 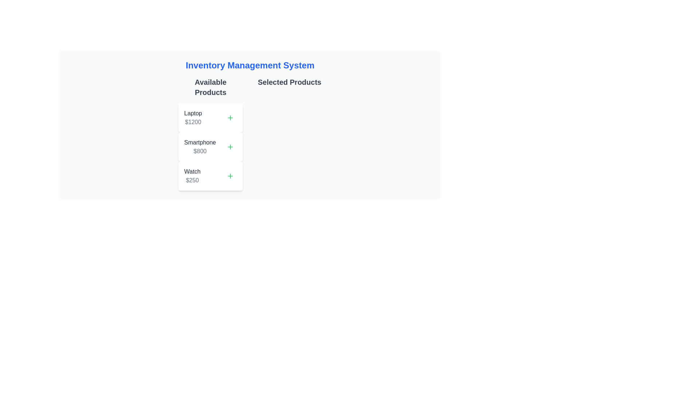 I want to click on the Text Label that introduces or categorizes the section displaying selected products, located near the top-right side of the interface, below the 'Inventory Management System' header, so click(x=289, y=82).